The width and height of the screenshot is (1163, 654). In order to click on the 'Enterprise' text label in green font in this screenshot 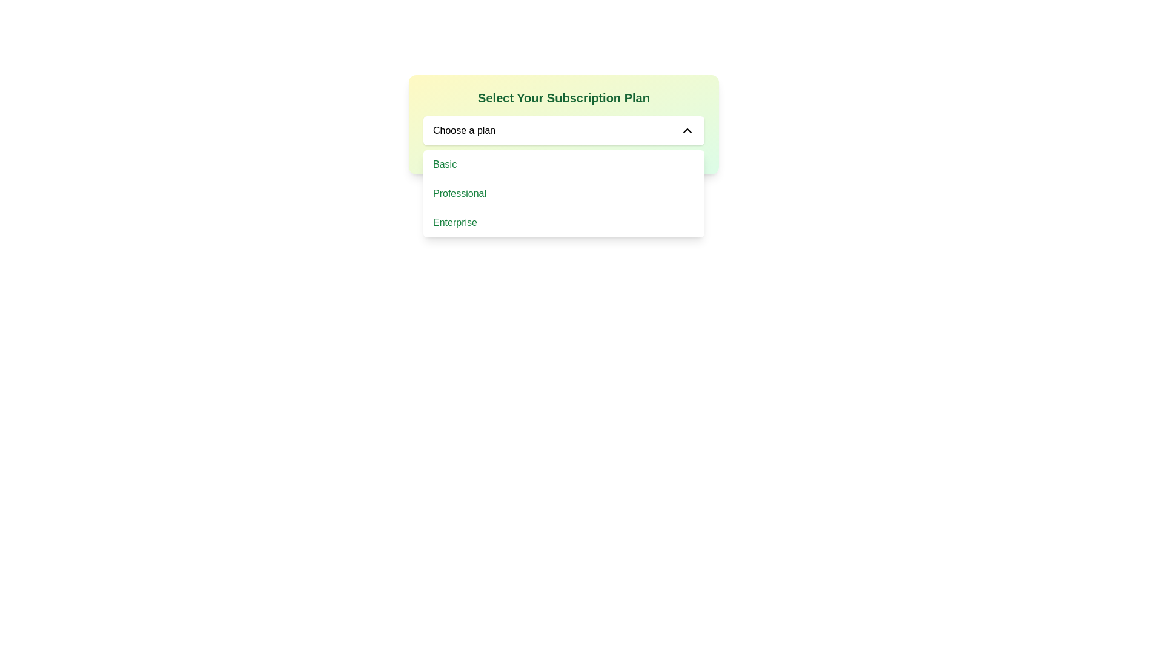, I will do `click(454, 222)`.